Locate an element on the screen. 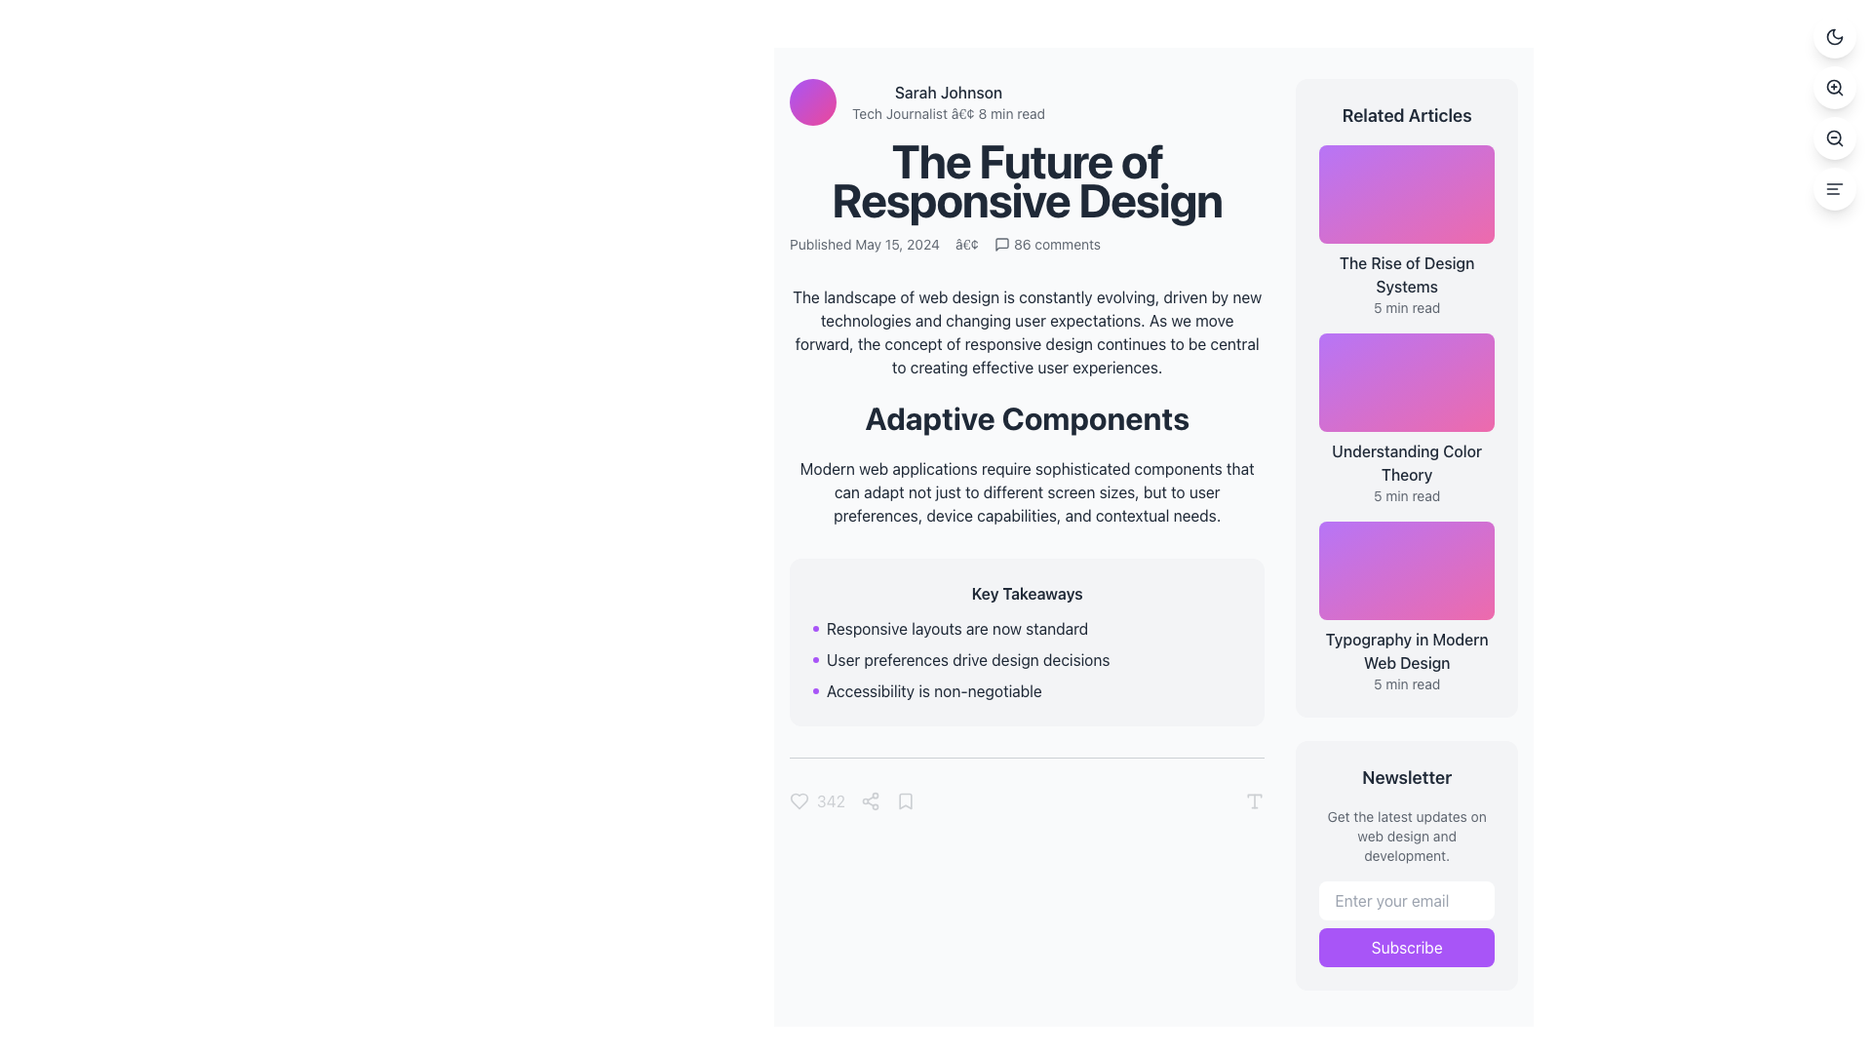 This screenshot has width=1872, height=1053. the descriptive text element located in the 'Newsletter' section, positioned beneath the heading 'Newsletter' and above the email input box is located at coordinates (1407, 836).